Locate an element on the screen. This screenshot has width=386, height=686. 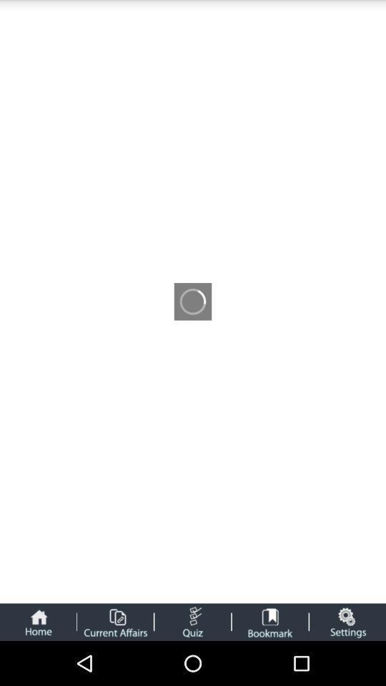
quiz is located at coordinates (192, 621).